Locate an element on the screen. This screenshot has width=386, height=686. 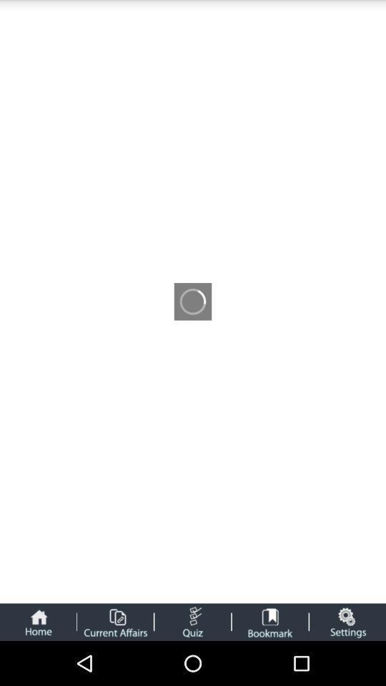
quiz is located at coordinates (192, 621).